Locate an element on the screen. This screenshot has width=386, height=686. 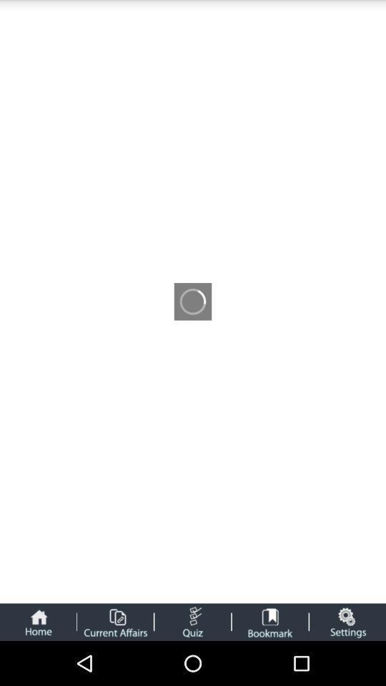
quiz is located at coordinates (192, 621).